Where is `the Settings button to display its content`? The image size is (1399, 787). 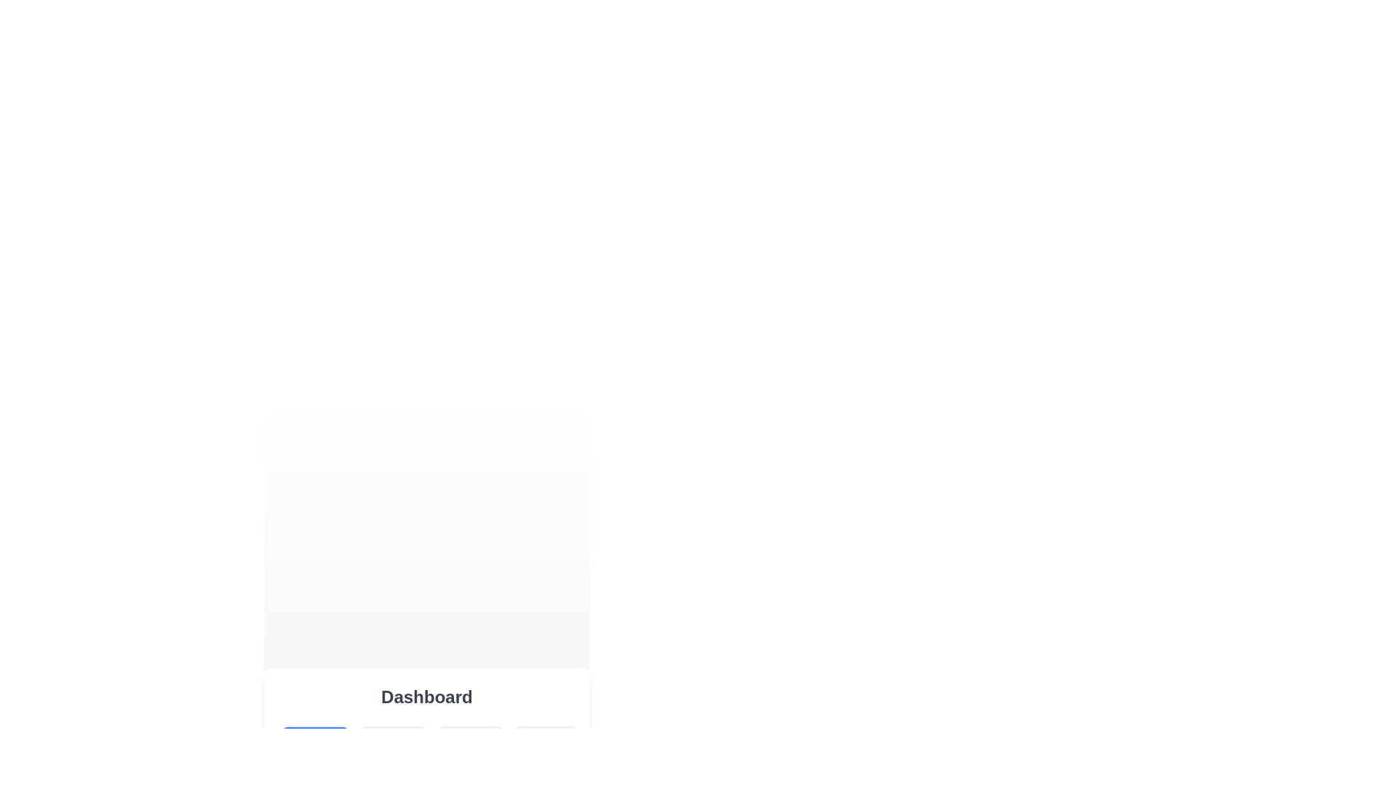 the Settings button to display its content is located at coordinates (544, 757).